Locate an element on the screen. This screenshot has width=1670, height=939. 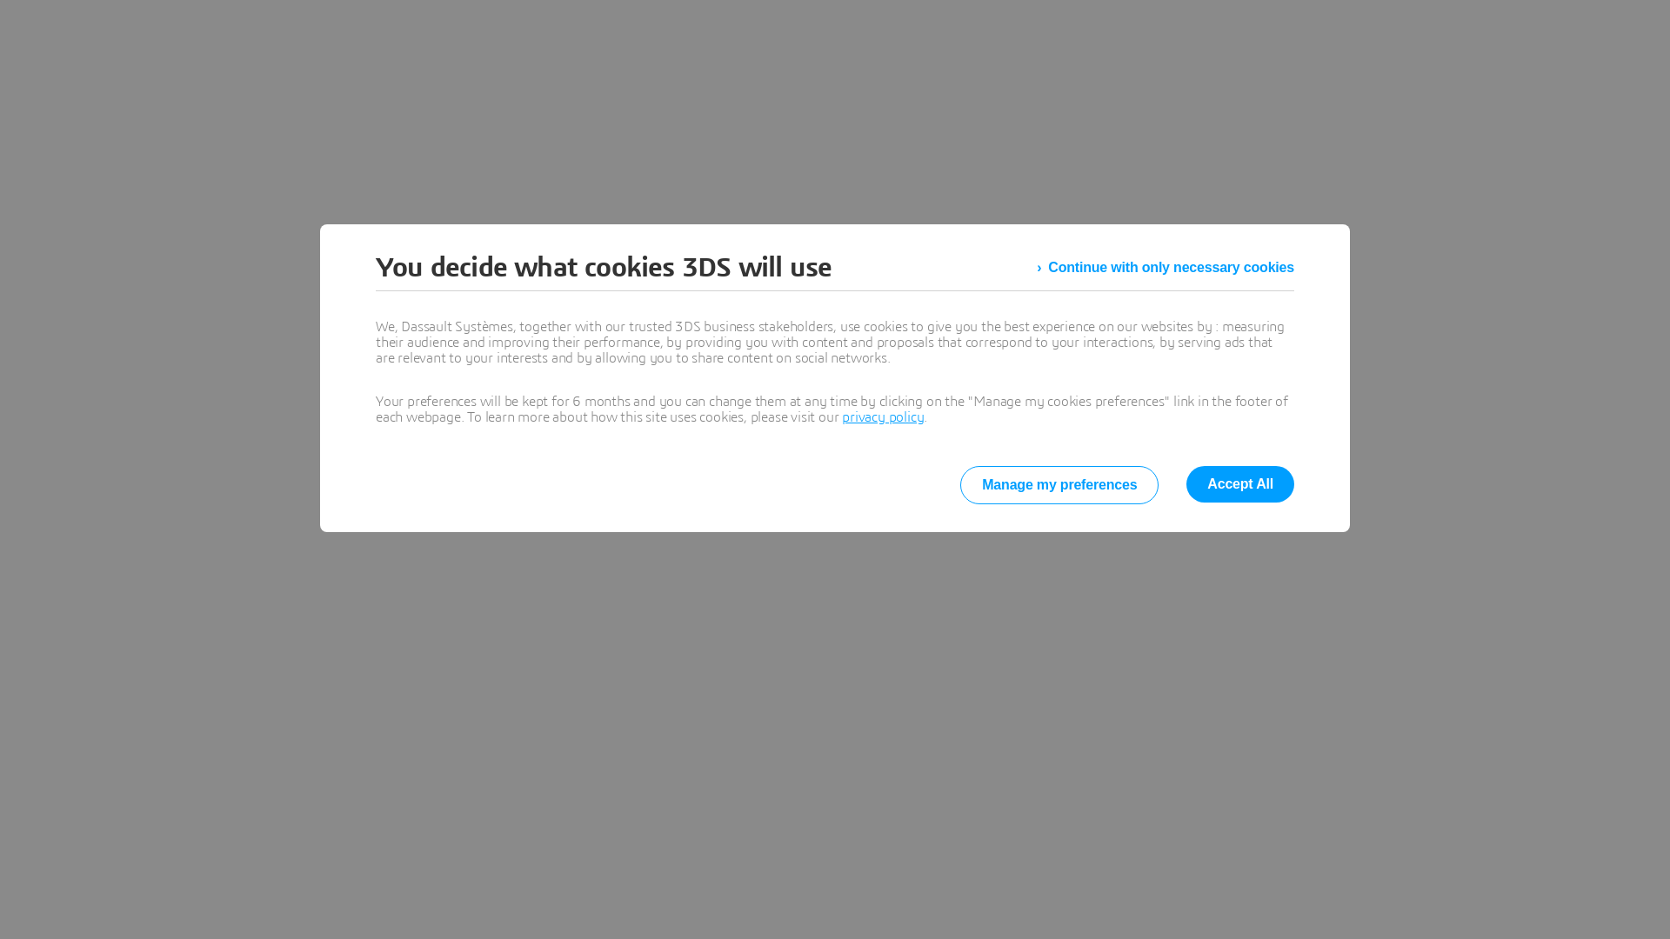
'Manage my preferences' is located at coordinates (1059, 485).